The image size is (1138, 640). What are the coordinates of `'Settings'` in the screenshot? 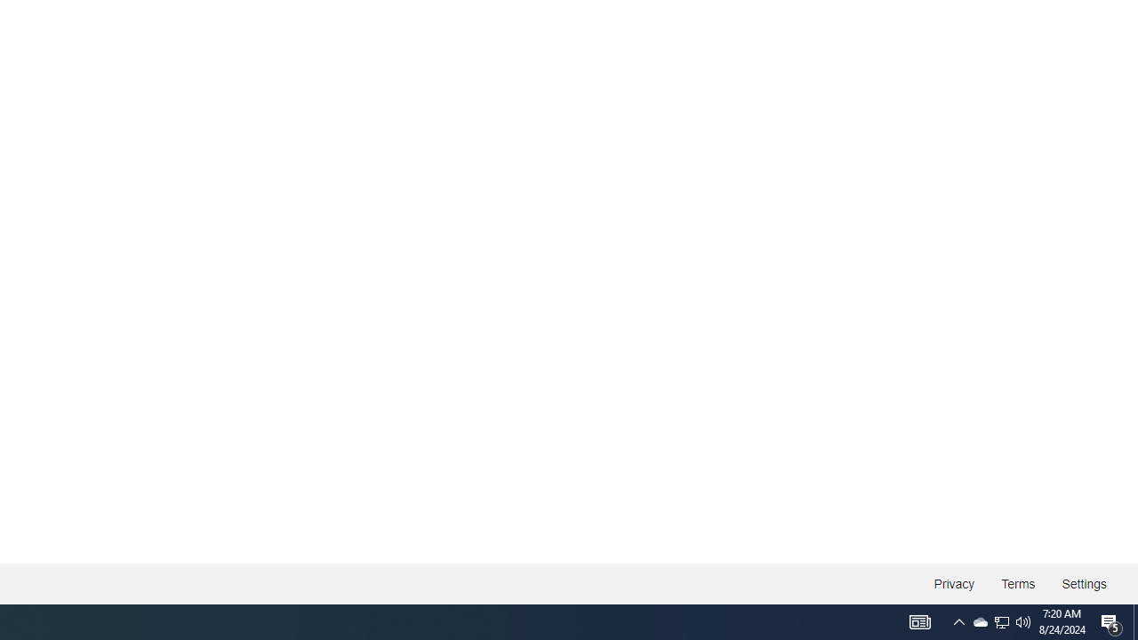 It's located at (1083, 584).